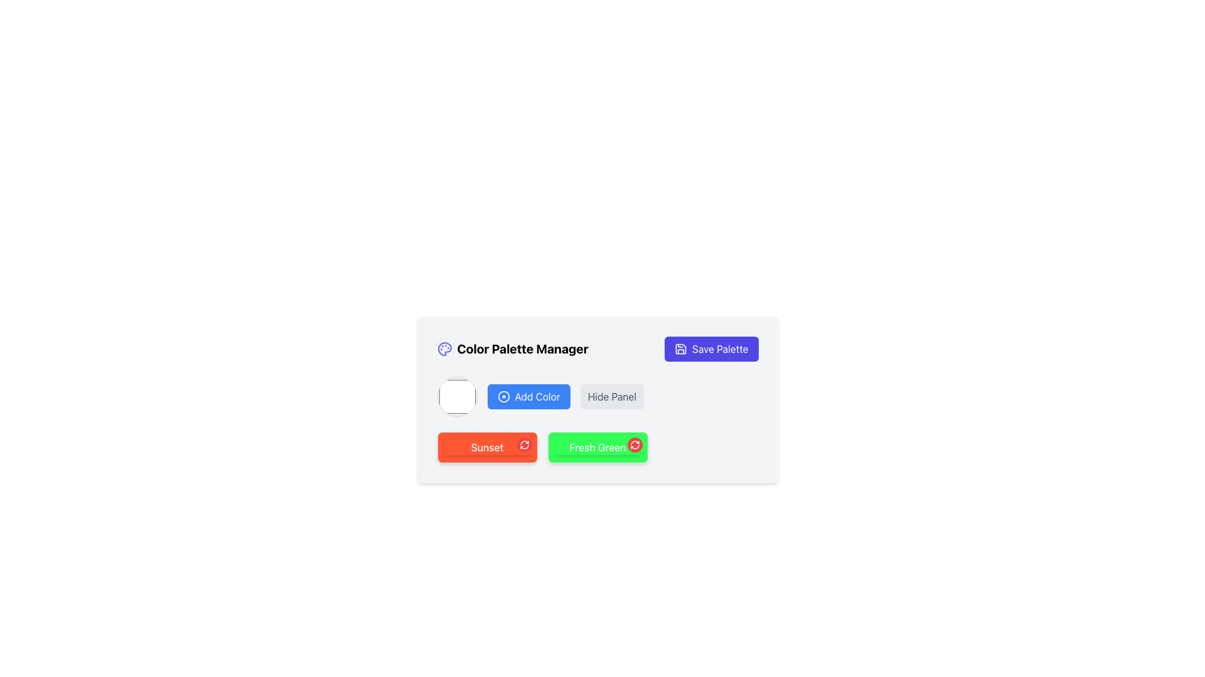  Describe the element at coordinates (635, 444) in the screenshot. I see `the refresh icon with a red background and white arrow graphics, located within the green button labeled 'Fresh Green'` at that location.